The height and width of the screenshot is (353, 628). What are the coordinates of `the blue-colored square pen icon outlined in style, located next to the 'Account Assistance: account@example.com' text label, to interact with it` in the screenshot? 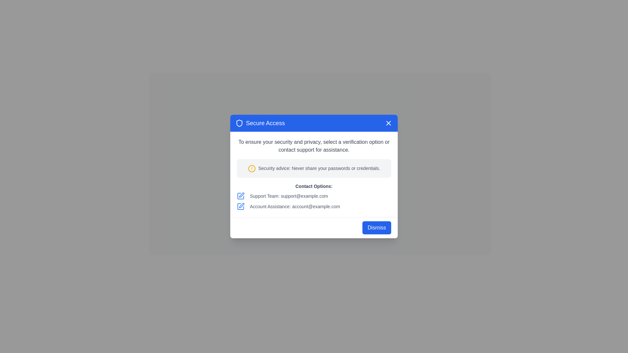 It's located at (240, 206).